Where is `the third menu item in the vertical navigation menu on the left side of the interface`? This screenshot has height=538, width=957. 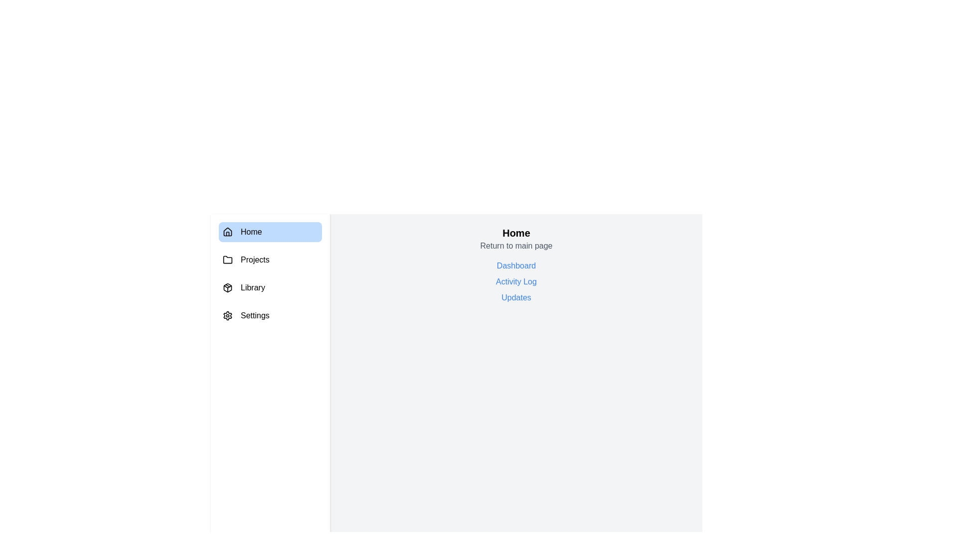
the third menu item in the vertical navigation menu on the left side of the interface is located at coordinates (270, 288).